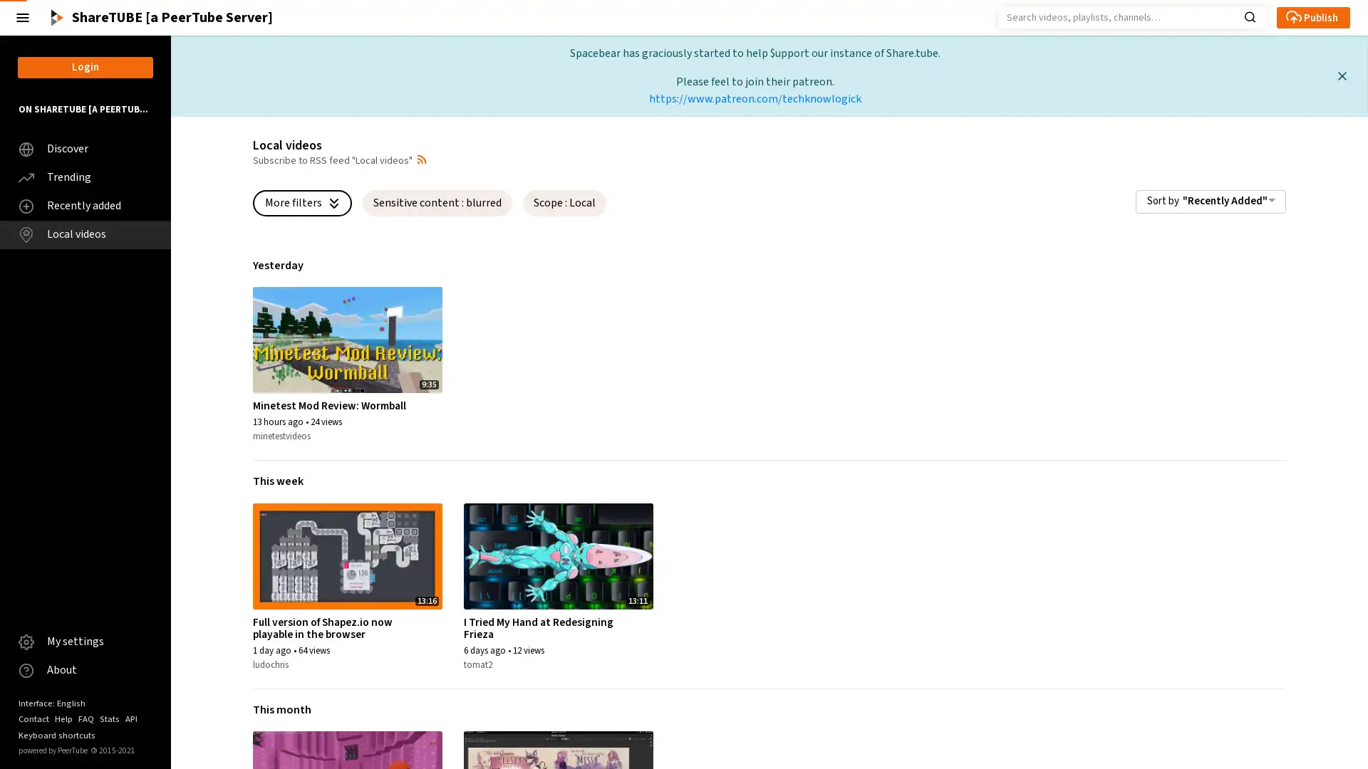  I want to click on Close this message, so click(1341, 75).